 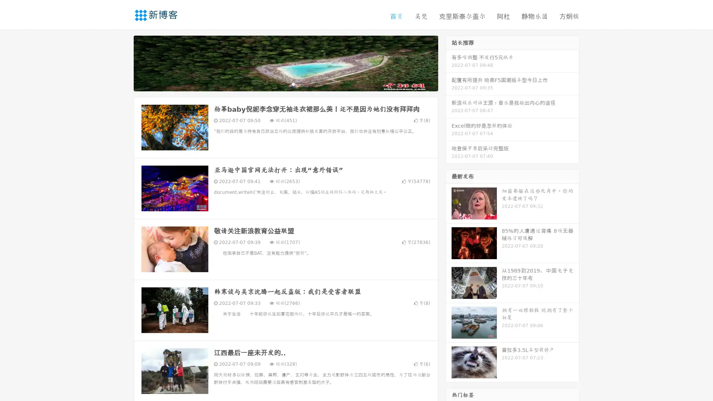 What do you see at coordinates (449, 62) in the screenshot?
I see `Next slide` at bounding box center [449, 62].